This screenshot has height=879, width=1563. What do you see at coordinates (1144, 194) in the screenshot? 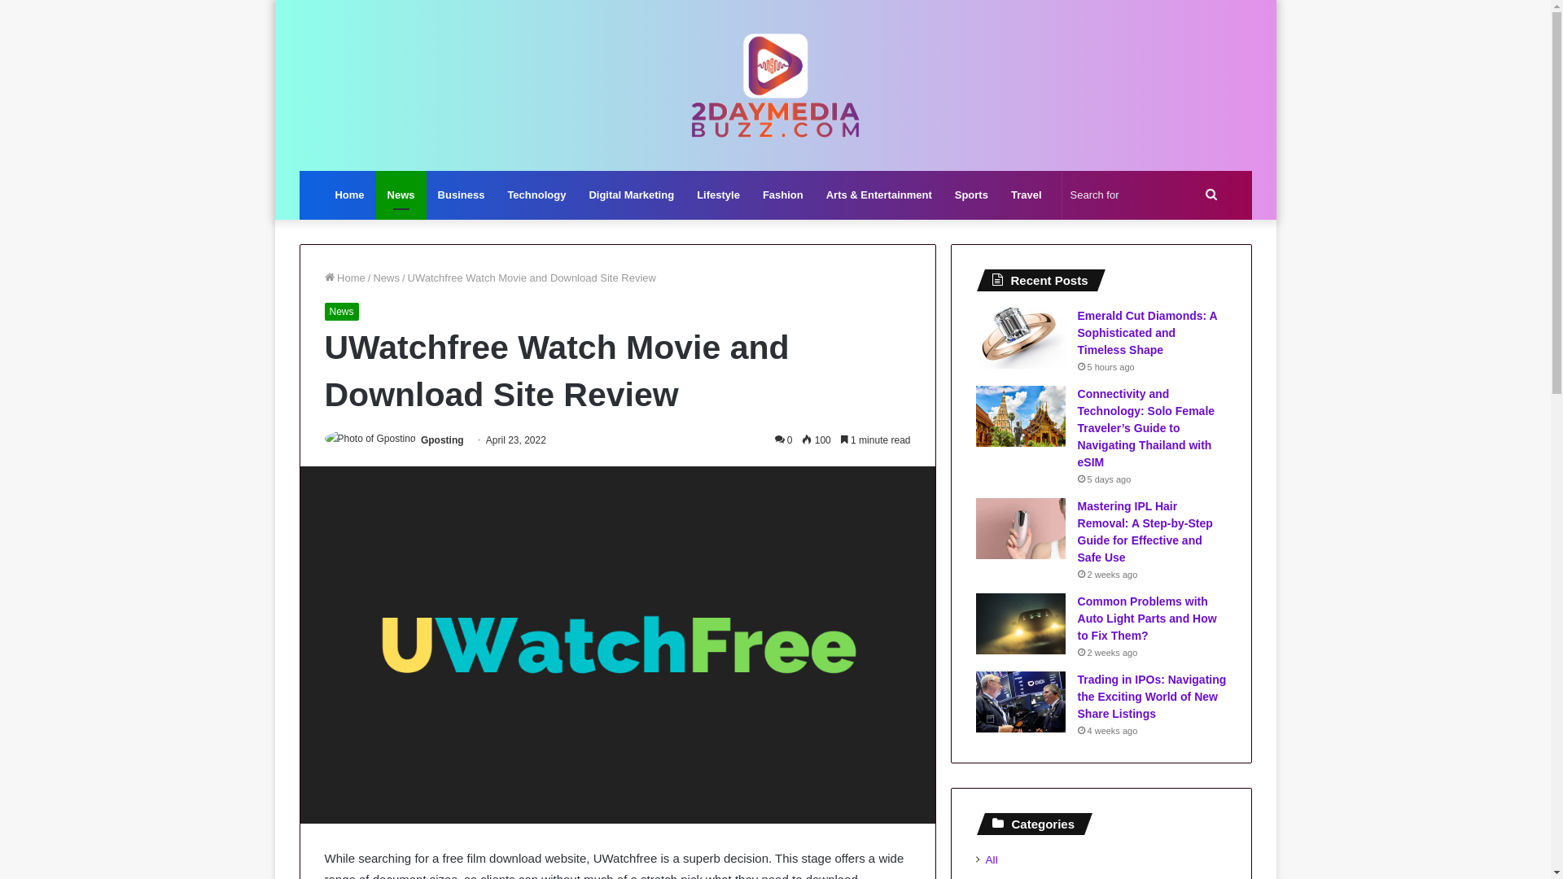
I see `'Search for'` at bounding box center [1144, 194].